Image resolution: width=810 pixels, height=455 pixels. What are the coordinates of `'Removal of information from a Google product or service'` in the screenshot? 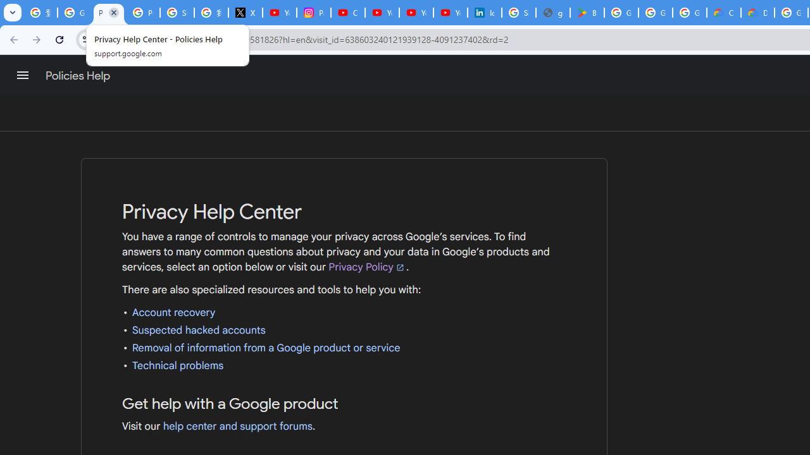 It's located at (266, 348).